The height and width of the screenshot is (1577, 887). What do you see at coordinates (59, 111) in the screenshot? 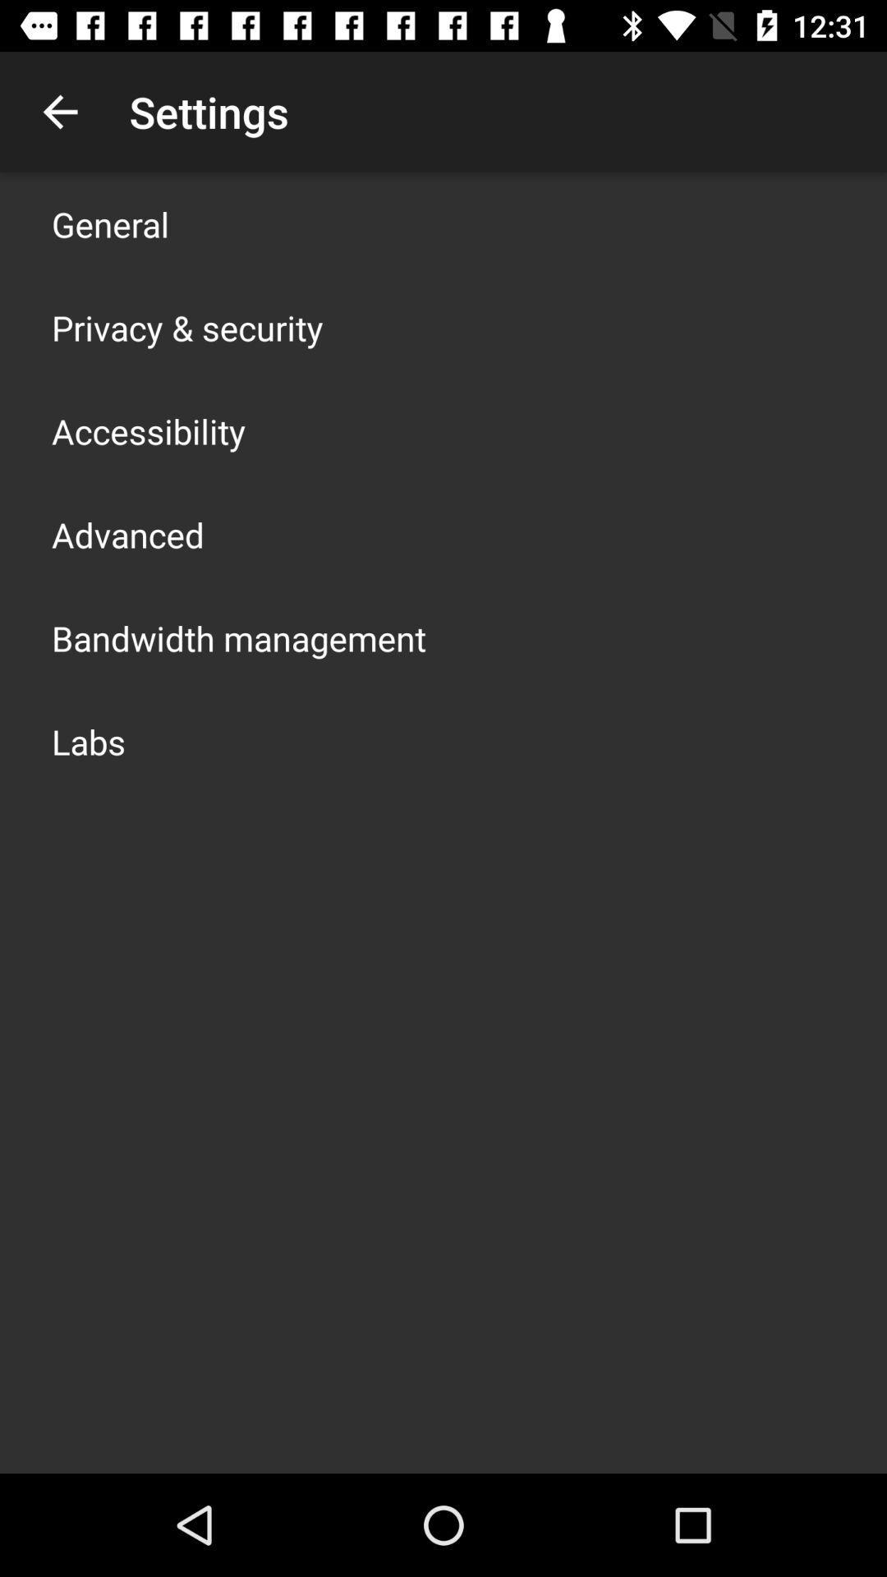
I see `app to the left of settings` at bounding box center [59, 111].